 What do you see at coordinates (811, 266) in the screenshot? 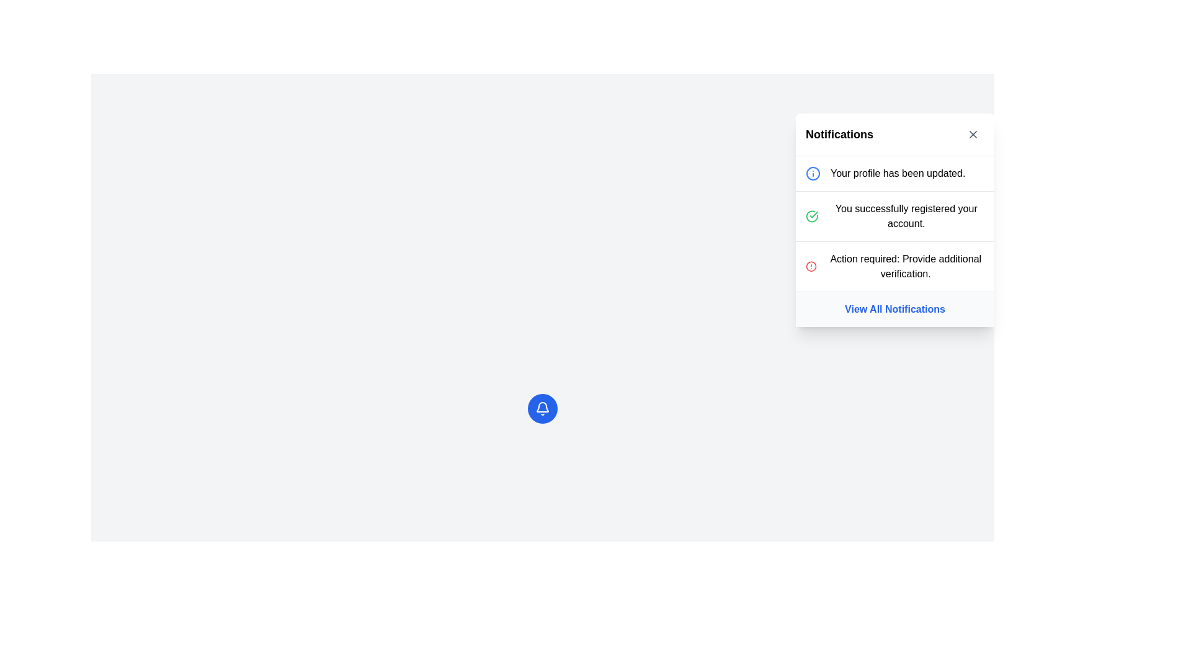
I see `the SVG Circle graphic that signifies an alert or notification` at bounding box center [811, 266].